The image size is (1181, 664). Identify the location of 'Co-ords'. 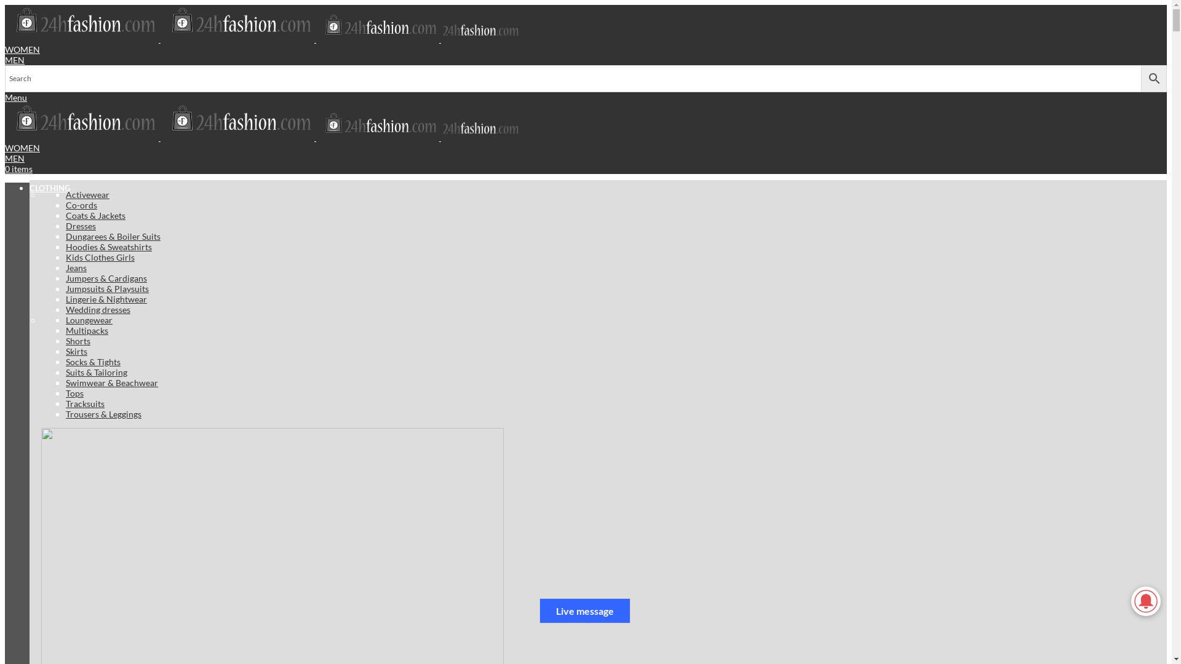
(81, 204).